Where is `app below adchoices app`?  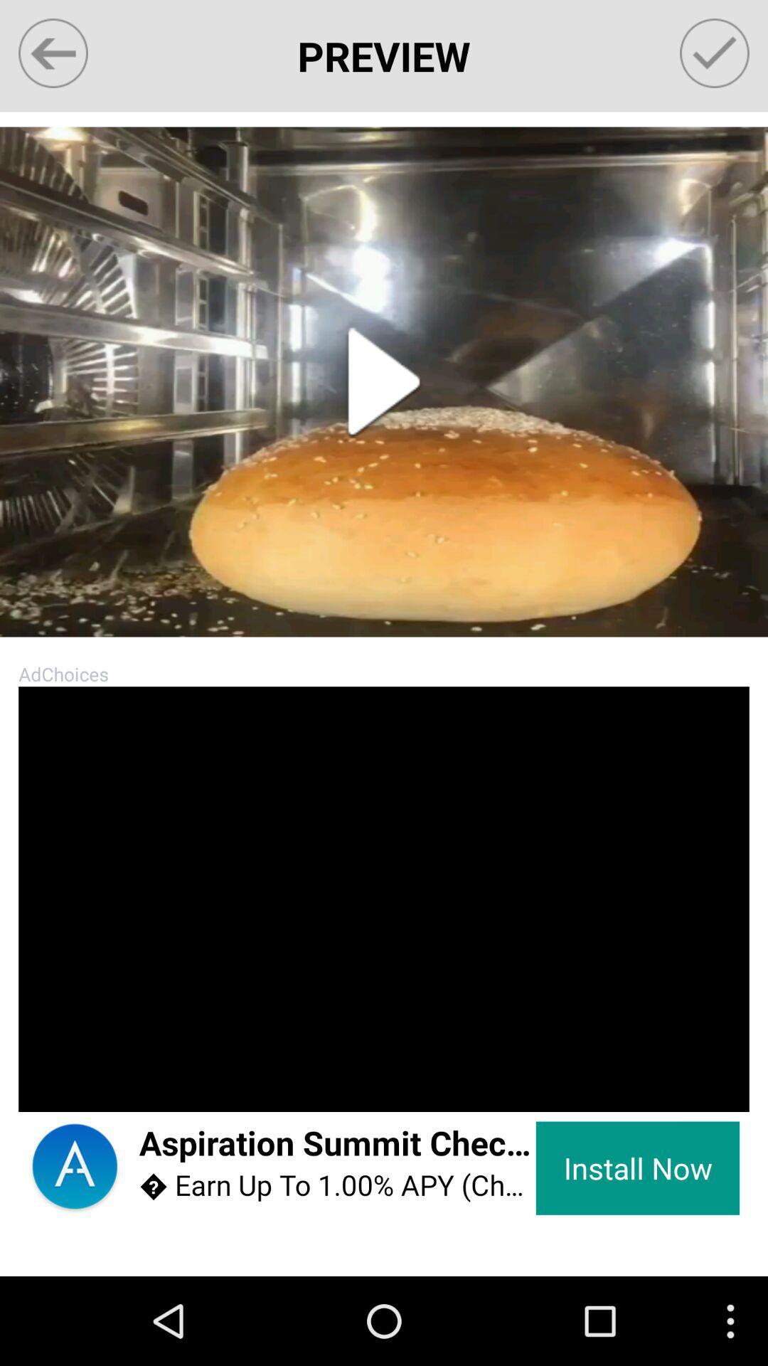
app below adchoices app is located at coordinates (44, 1084).